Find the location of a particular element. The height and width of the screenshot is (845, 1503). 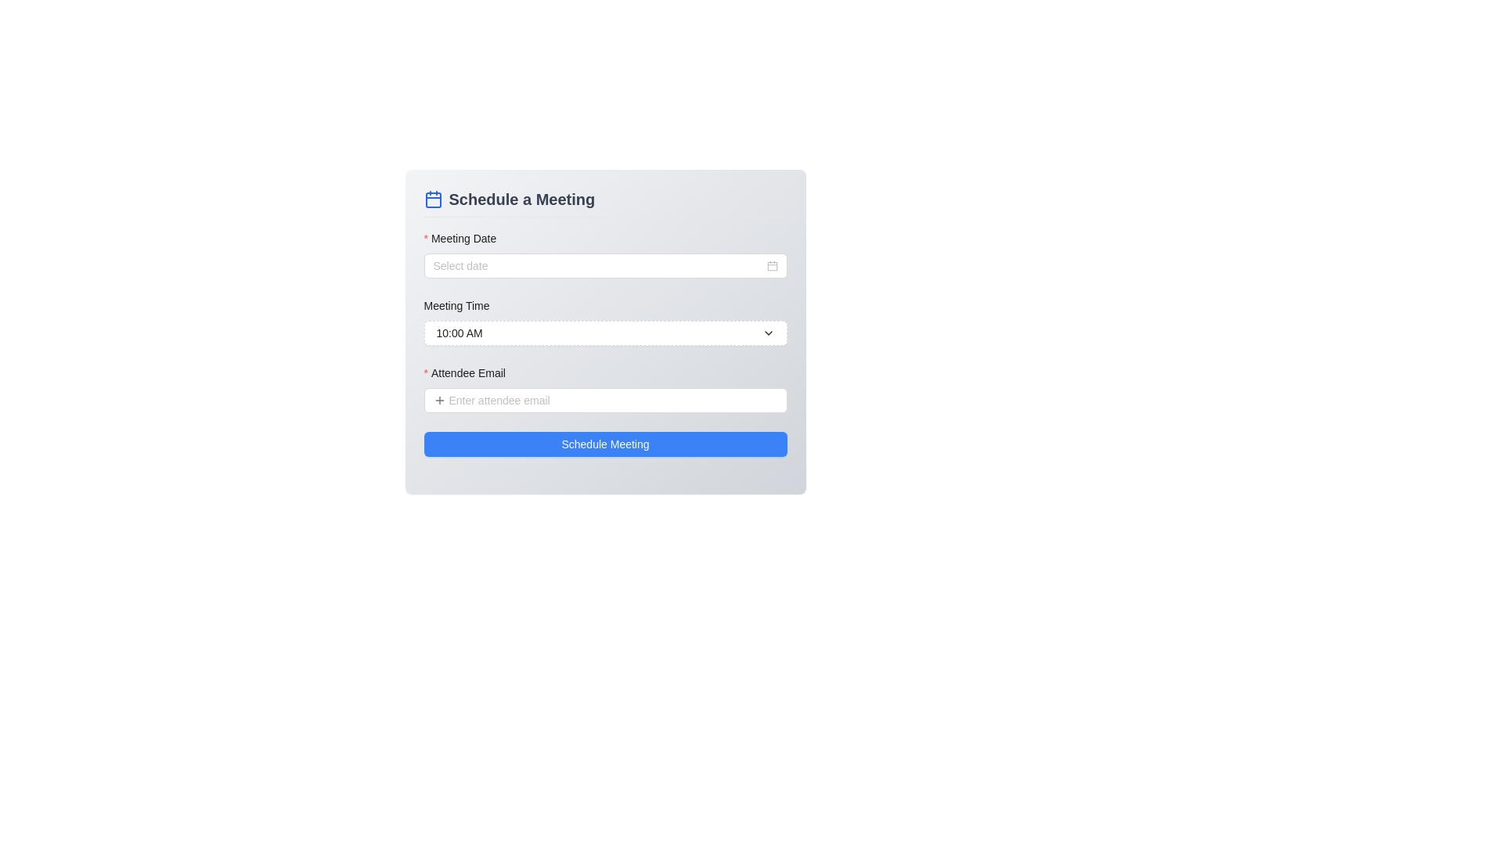

the plus icon located in the prefix area of the 'Attendee Email' input field, which allows users to add an attendee email is located at coordinates (438, 400).